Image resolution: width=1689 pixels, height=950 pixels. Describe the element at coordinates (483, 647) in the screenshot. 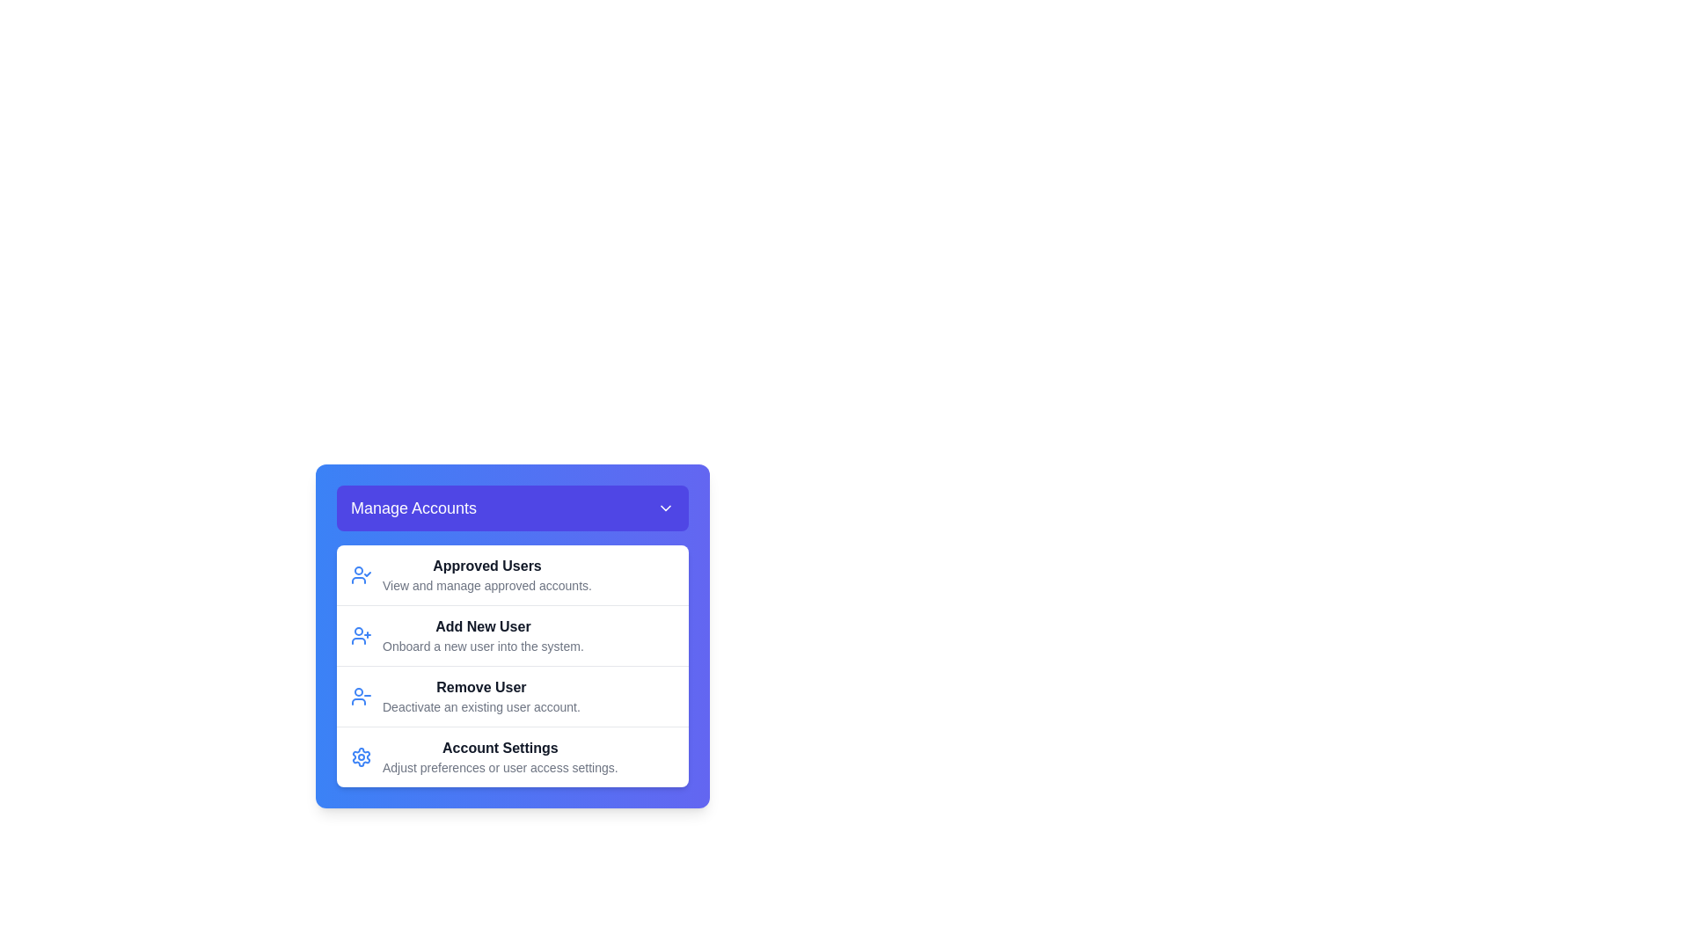

I see `the static text label providing additional information about the 'Add New User' action located beneath the bolded text 'Add New User' in the 'Manage Accounts' section` at that location.